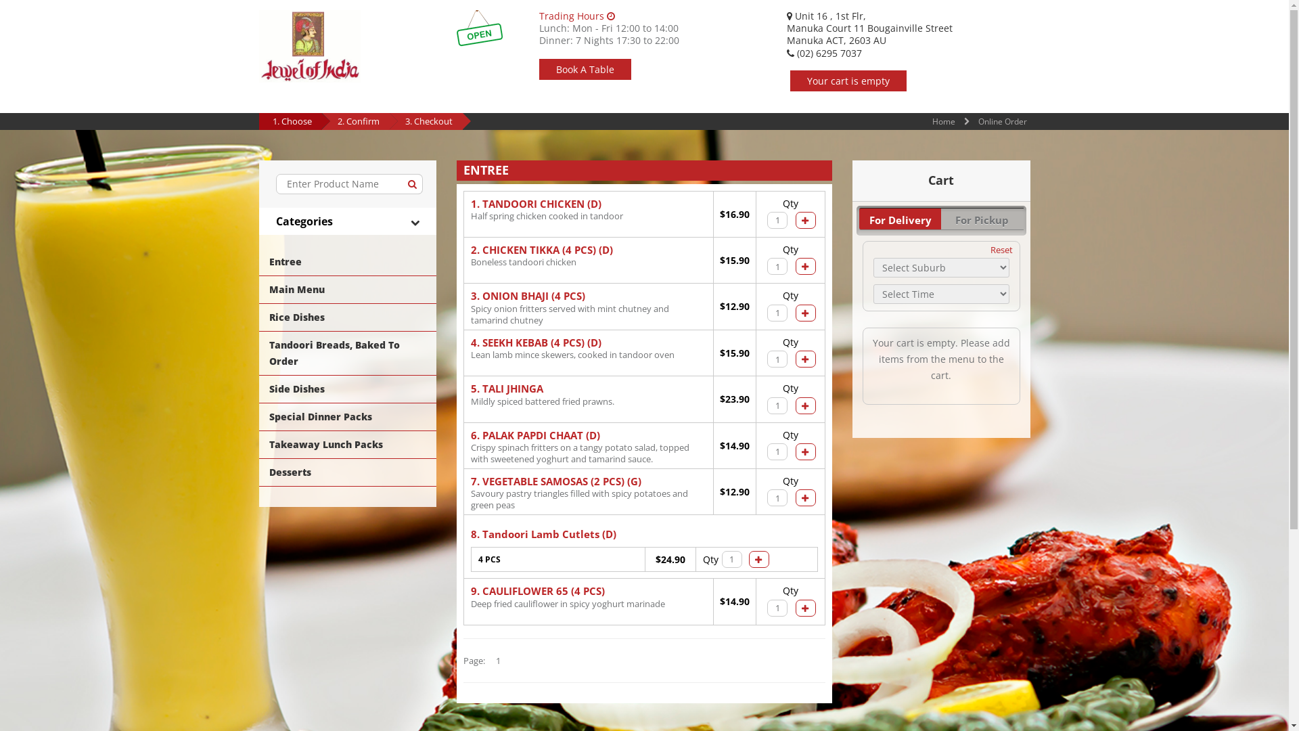 This screenshot has height=731, width=1299. Describe the element at coordinates (428, 120) in the screenshot. I see `'3. Checkout'` at that location.